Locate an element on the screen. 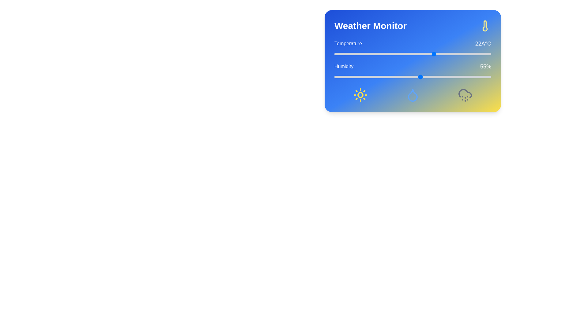 Image resolution: width=588 pixels, height=330 pixels. the humidity slider to 4% is located at coordinates (340, 76).